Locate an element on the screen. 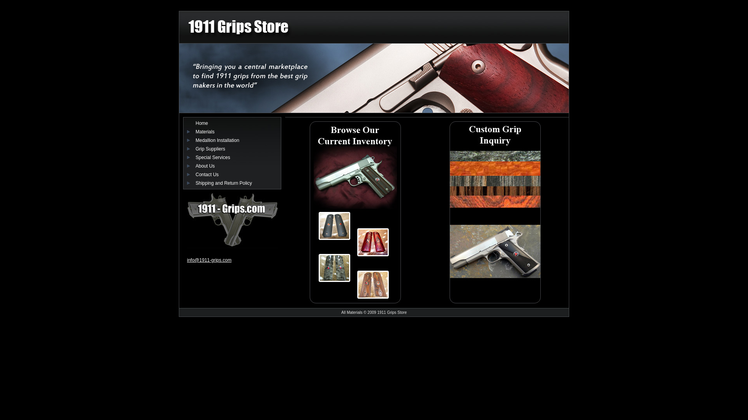 This screenshot has height=420, width=748. 'Grip Suppliers' is located at coordinates (210, 149).